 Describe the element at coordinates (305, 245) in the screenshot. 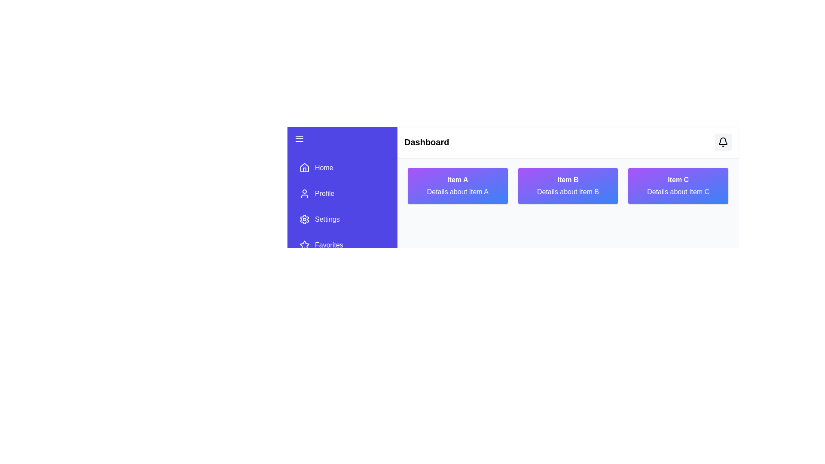

I see `interactive 'Favorites' icon located in the left navigation menu, which is the leftmost icon associated with the 'Favorites' section` at that location.